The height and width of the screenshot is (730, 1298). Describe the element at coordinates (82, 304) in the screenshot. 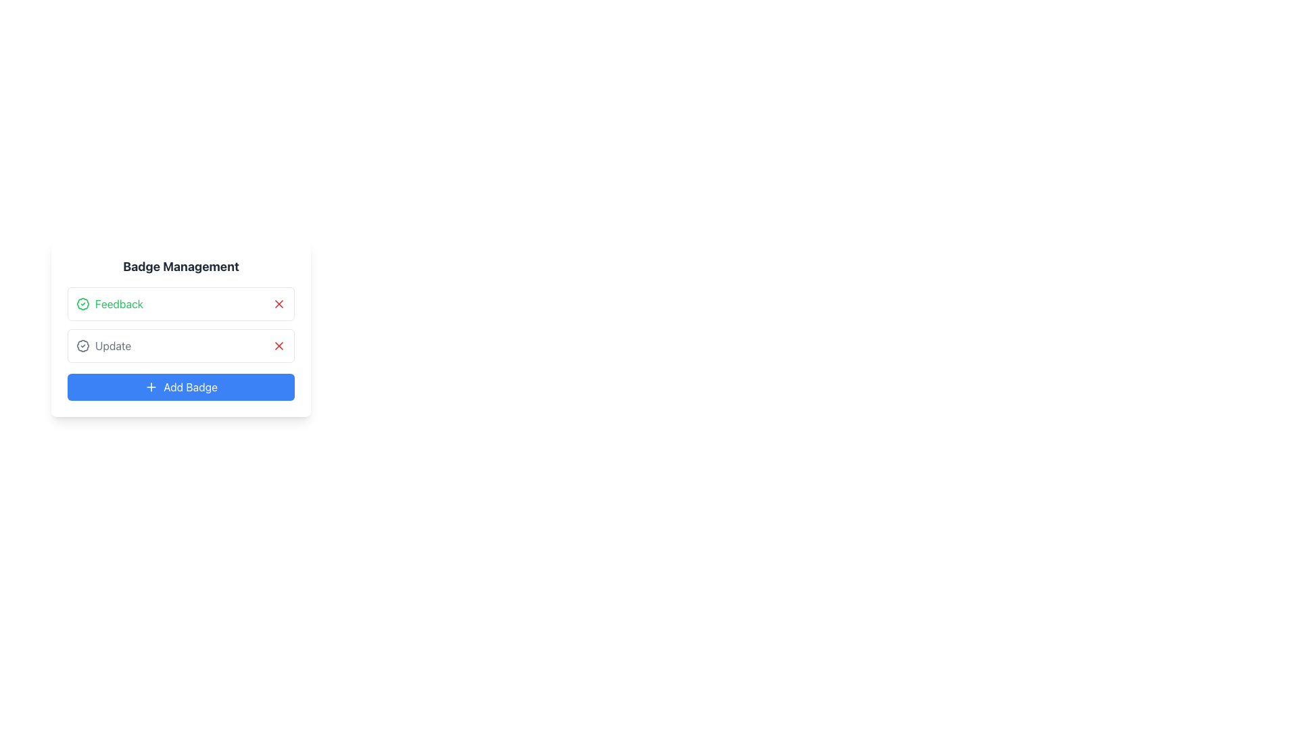

I see `the circular badge-shaped icon with a green outline and a checkmark at its center, located to the left of the 'Feedback' label in the 'Badge Management' interface` at that location.